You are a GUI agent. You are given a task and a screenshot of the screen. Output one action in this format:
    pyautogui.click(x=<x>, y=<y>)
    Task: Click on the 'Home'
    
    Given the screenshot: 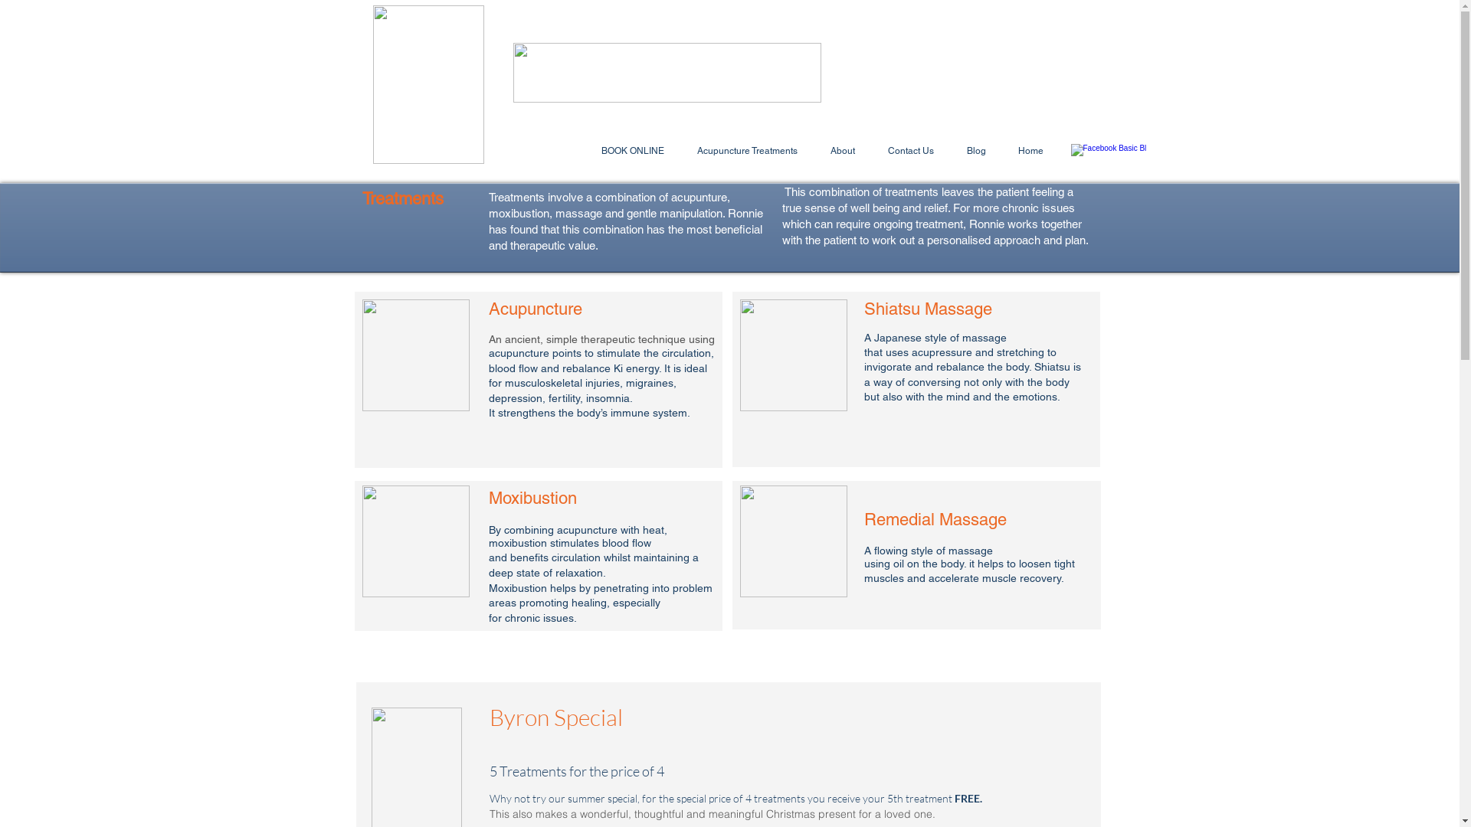 What is the action you would take?
    pyautogui.click(x=1030, y=151)
    